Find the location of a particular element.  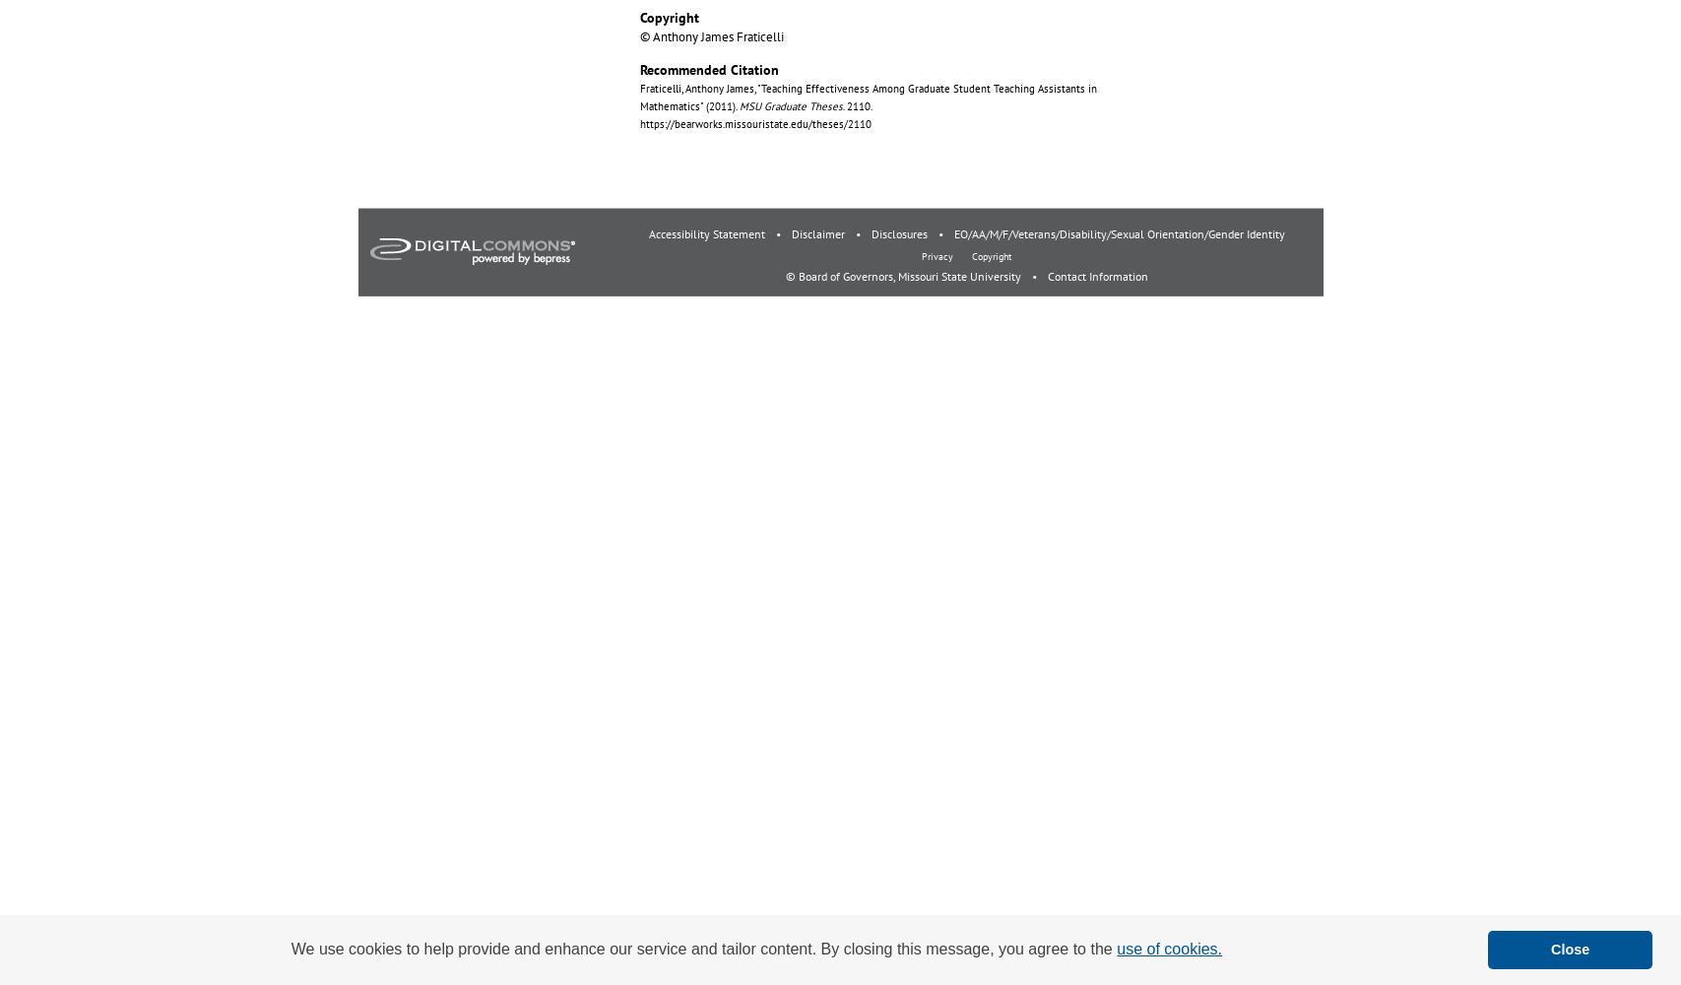

'We use cookies to help provide and enhance our service and tailor content. By closing this message, you agree to the' is located at coordinates (703, 948).